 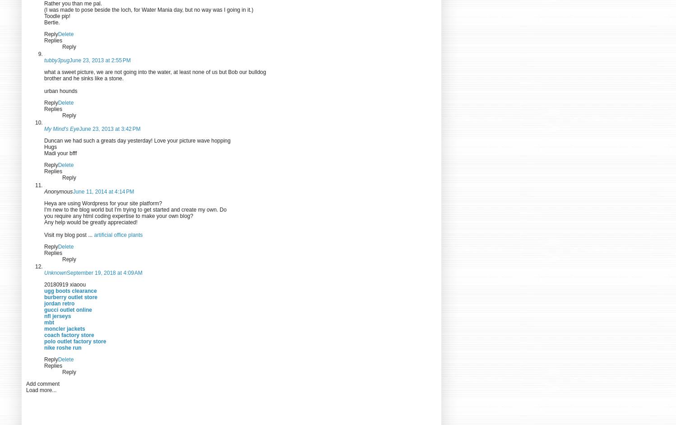 What do you see at coordinates (60, 152) in the screenshot?
I see `'Madi your bfff'` at bounding box center [60, 152].